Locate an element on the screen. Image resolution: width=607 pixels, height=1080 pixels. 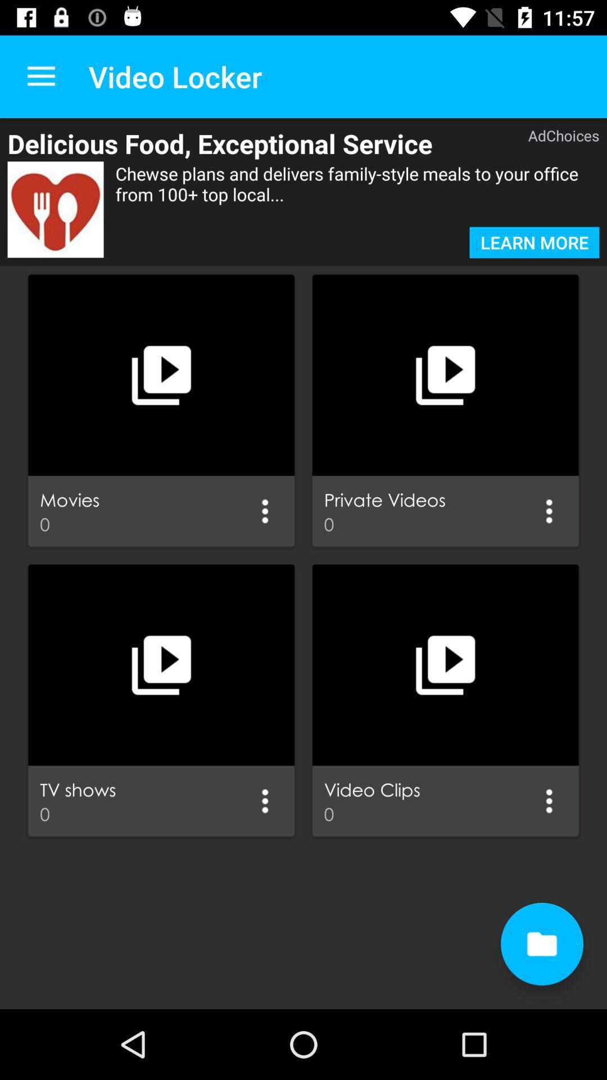
the app to the left of the video locker item is located at coordinates (40, 76).